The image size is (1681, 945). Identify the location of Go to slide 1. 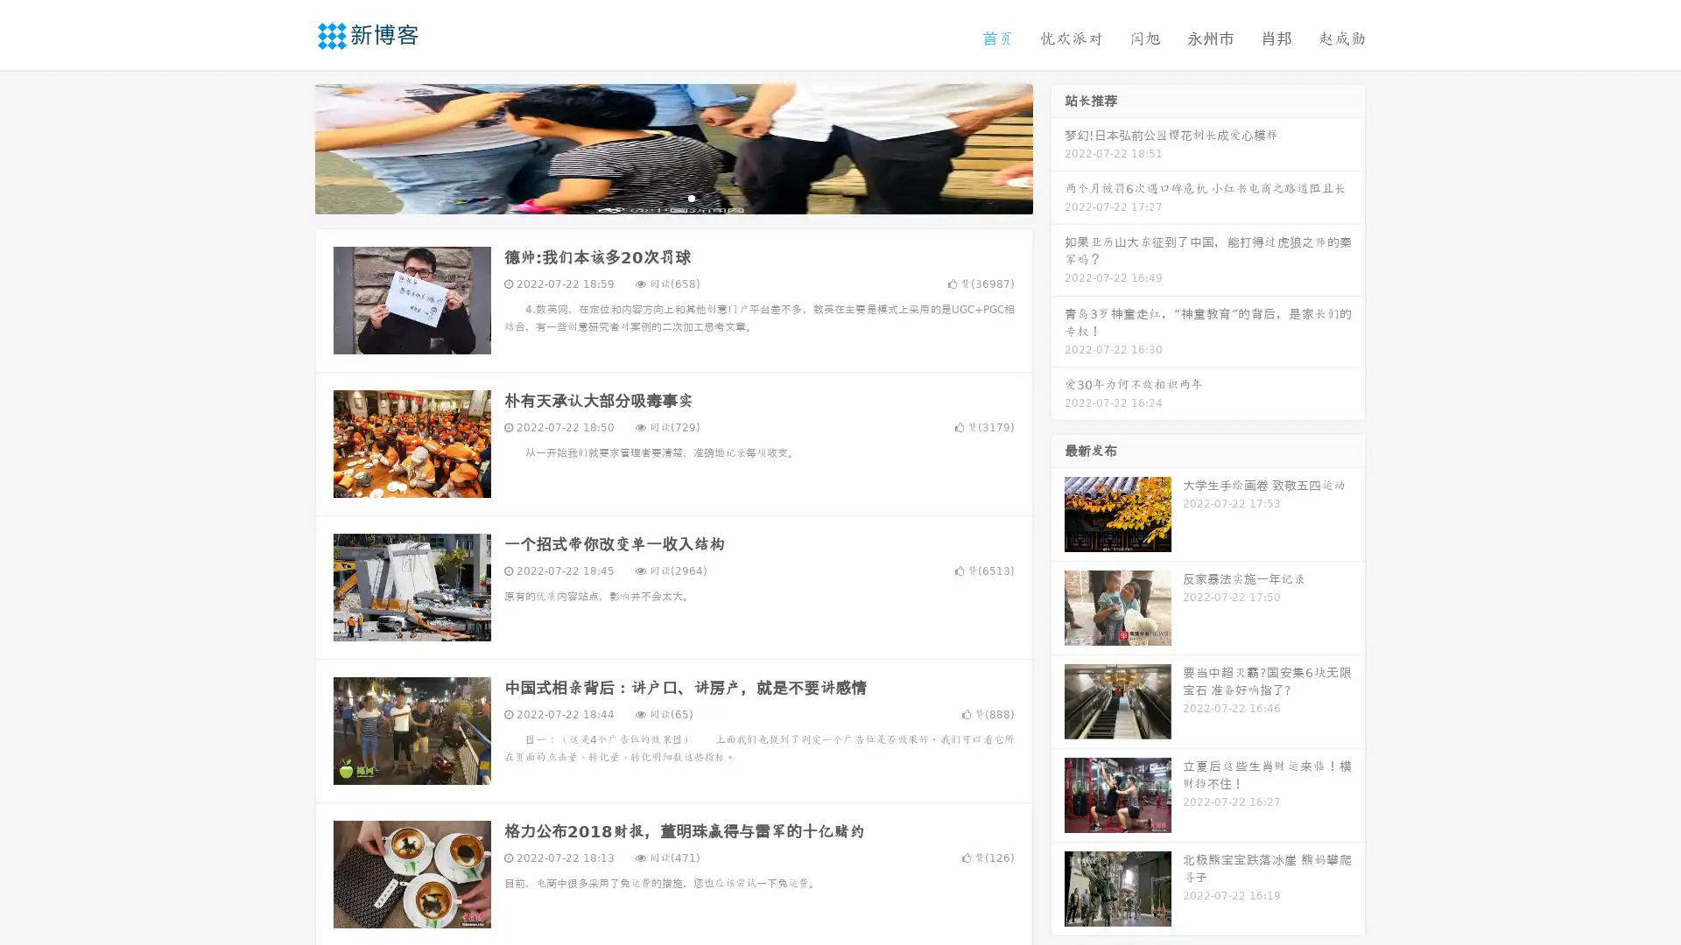
(655, 197).